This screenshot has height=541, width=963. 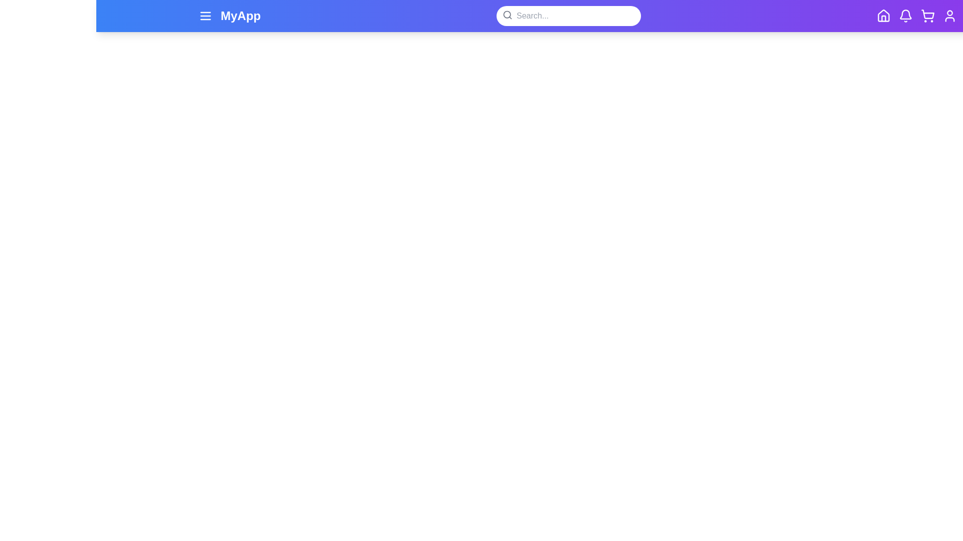 I want to click on the icon with the specified name: menu, so click(x=205, y=16).